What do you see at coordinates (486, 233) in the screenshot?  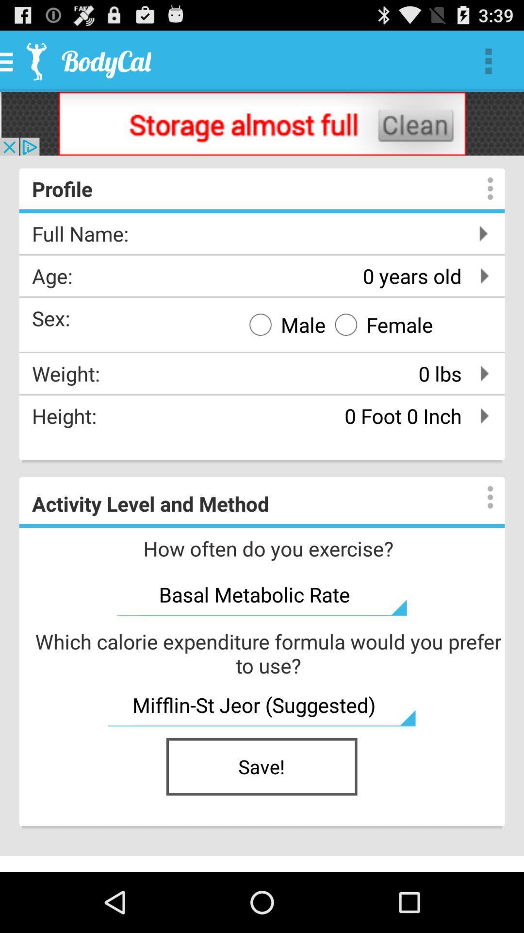 I see `the next page icon right next to full name` at bounding box center [486, 233].